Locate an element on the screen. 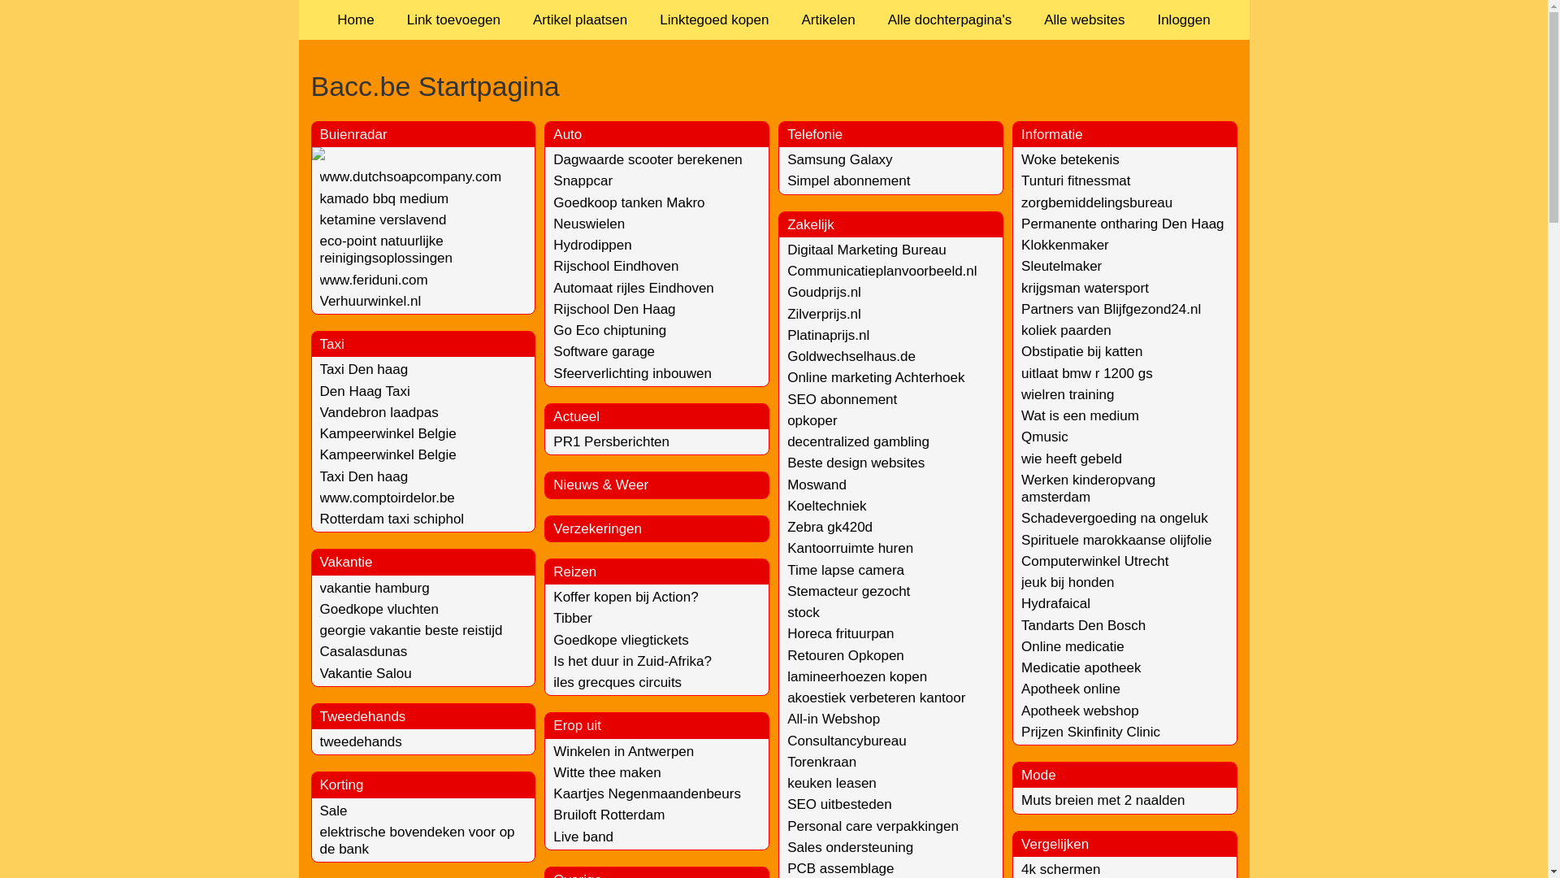  'Spirituele marokkaanse olijfolie' is located at coordinates (1115, 540).